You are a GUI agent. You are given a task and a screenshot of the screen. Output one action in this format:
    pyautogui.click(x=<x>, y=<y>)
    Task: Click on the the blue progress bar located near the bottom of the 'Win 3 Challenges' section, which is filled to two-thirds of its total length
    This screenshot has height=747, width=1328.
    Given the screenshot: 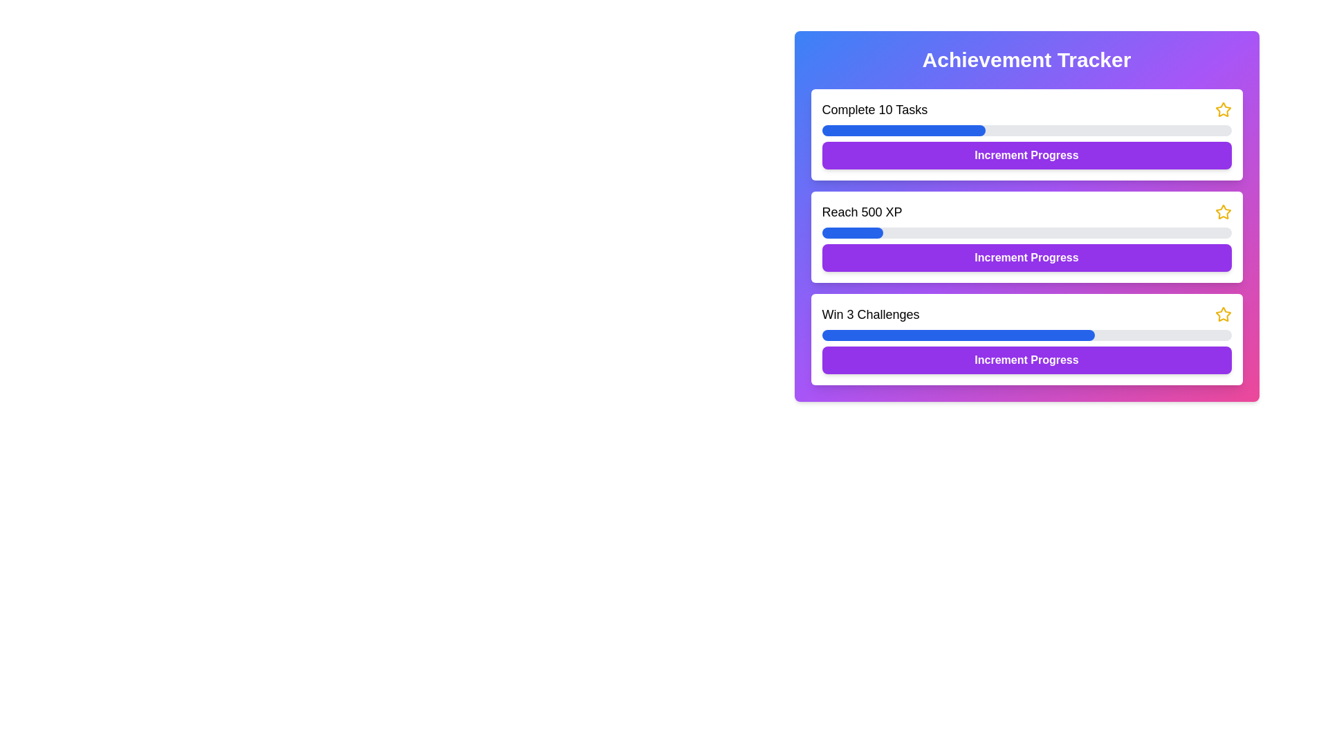 What is the action you would take?
    pyautogui.click(x=957, y=335)
    